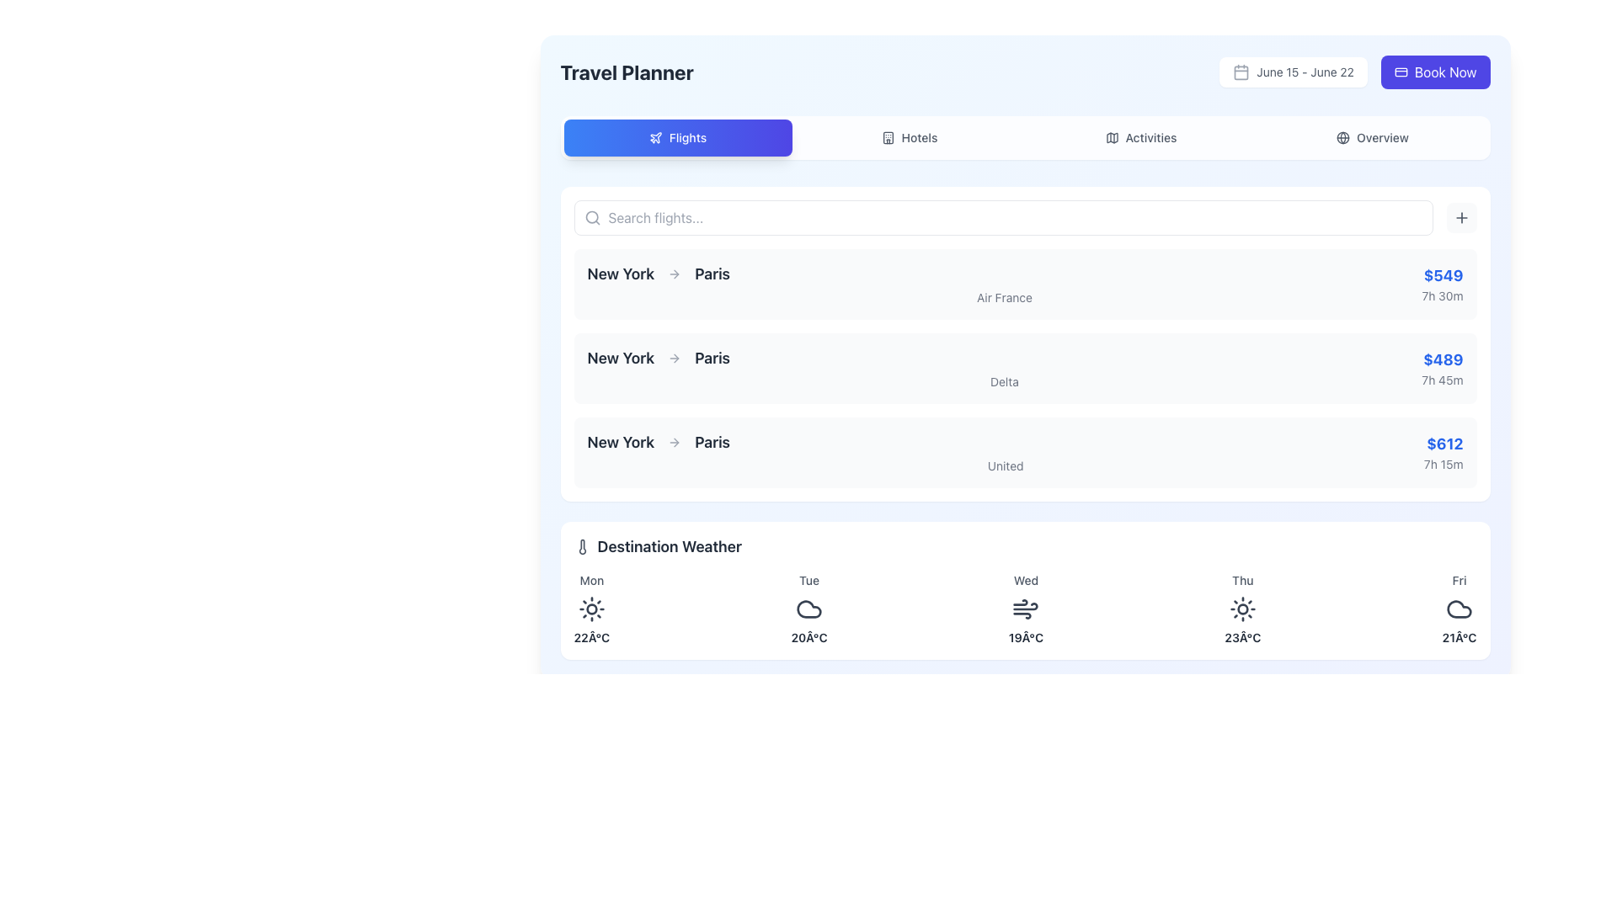  Describe the element at coordinates (582, 547) in the screenshot. I see `the thermometer icon located beside the 'Destination Weather' text, which is a vertical rectangular shape with rounded edges and a circular bulb at the bottom, indicating temperature` at that location.